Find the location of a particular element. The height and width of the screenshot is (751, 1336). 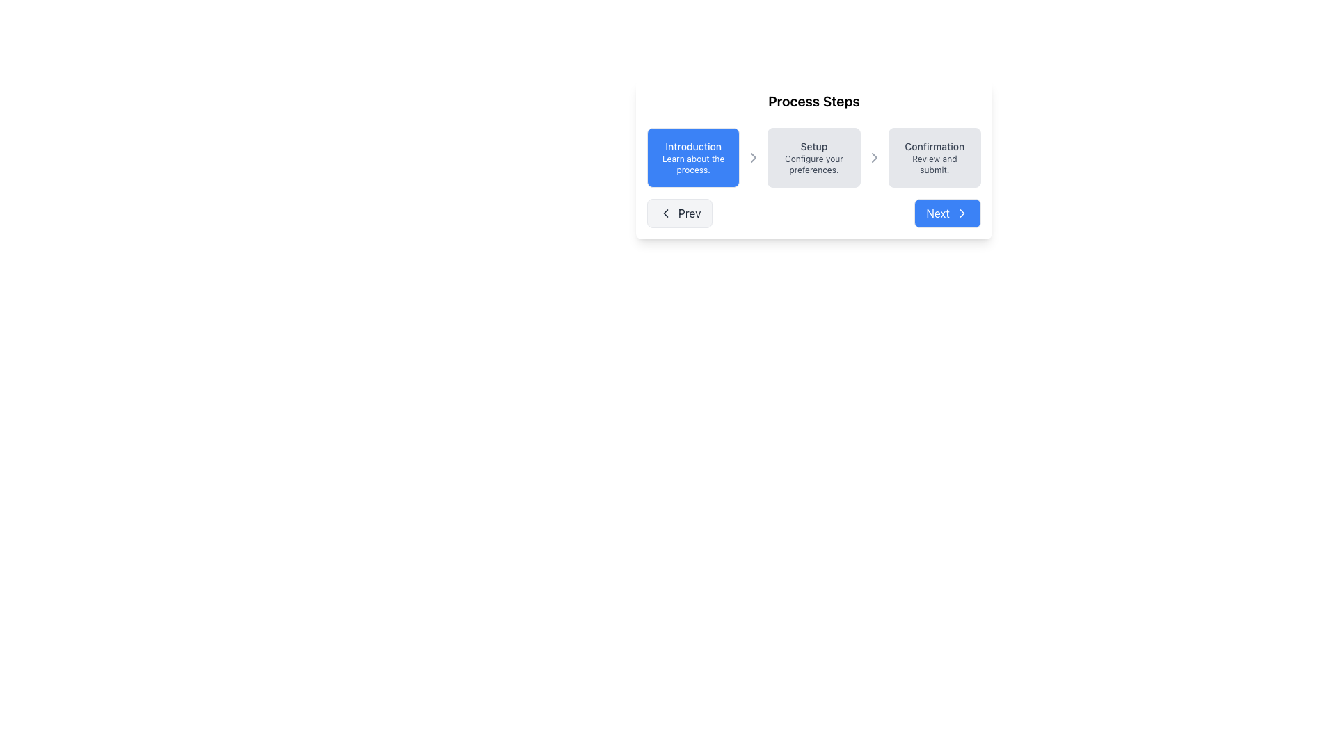

the 'Introduction' static text label in the multi-step process navigator, which is located just below the title 'Process Steps' and serves as the first step in a horizontal list of three steps is located at coordinates (693, 147).